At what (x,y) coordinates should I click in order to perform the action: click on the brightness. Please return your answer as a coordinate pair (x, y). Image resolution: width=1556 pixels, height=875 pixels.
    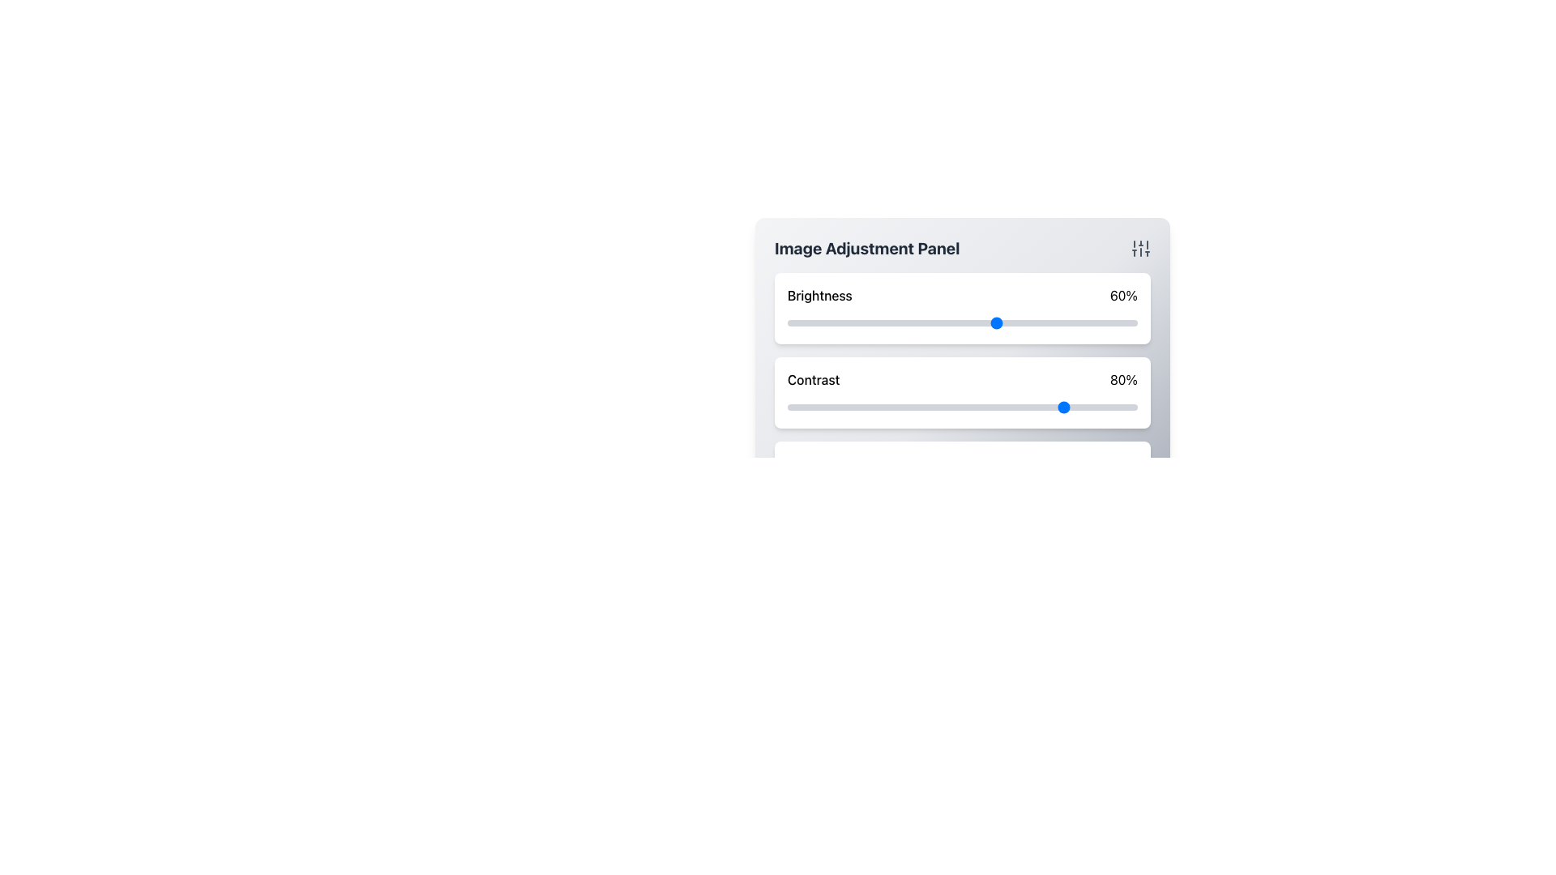
    Looking at the image, I should click on (1119, 322).